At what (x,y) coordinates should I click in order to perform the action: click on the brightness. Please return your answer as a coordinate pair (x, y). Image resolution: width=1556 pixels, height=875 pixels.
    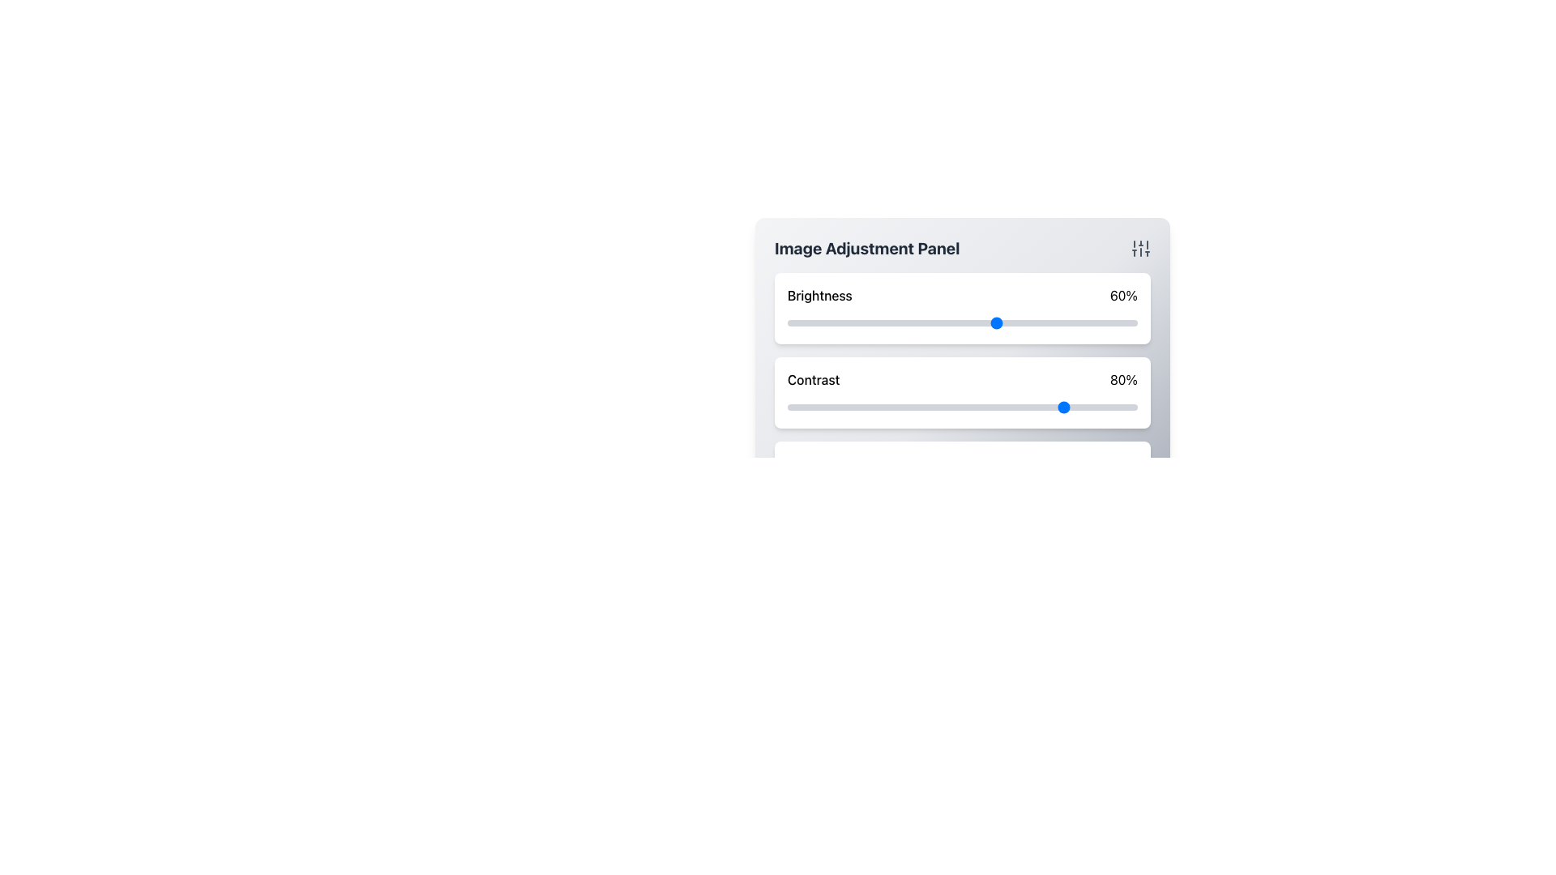
    Looking at the image, I should click on (1119, 322).